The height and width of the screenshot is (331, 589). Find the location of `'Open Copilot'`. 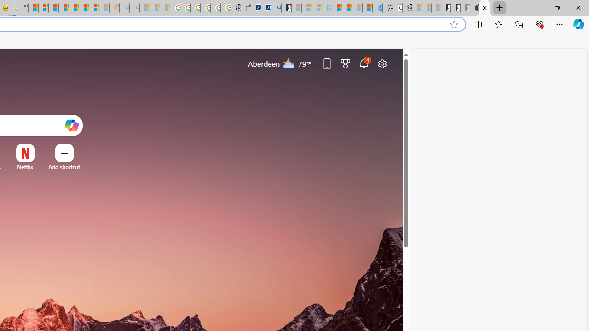

'Open Copilot' is located at coordinates (71, 126).